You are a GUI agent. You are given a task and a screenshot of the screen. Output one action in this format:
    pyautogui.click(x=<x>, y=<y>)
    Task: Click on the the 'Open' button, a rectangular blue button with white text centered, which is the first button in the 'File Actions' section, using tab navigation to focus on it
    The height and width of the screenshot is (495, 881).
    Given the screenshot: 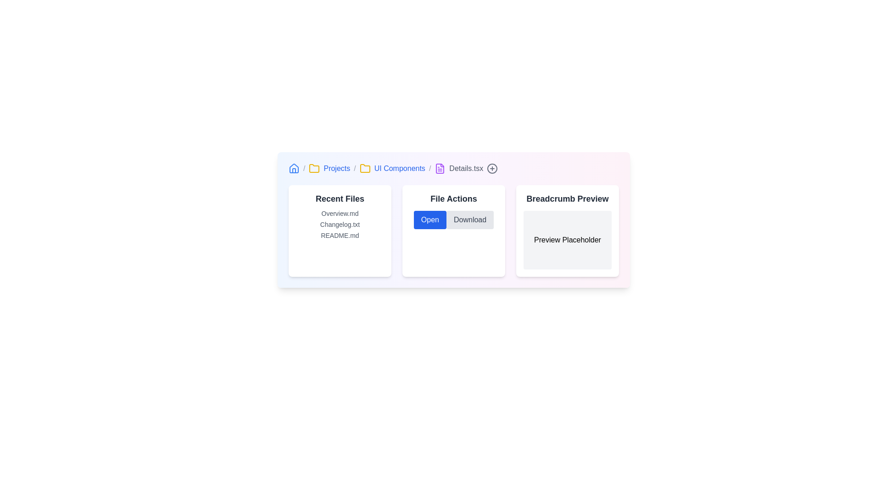 What is the action you would take?
    pyautogui.click(x=429, y=220)
    